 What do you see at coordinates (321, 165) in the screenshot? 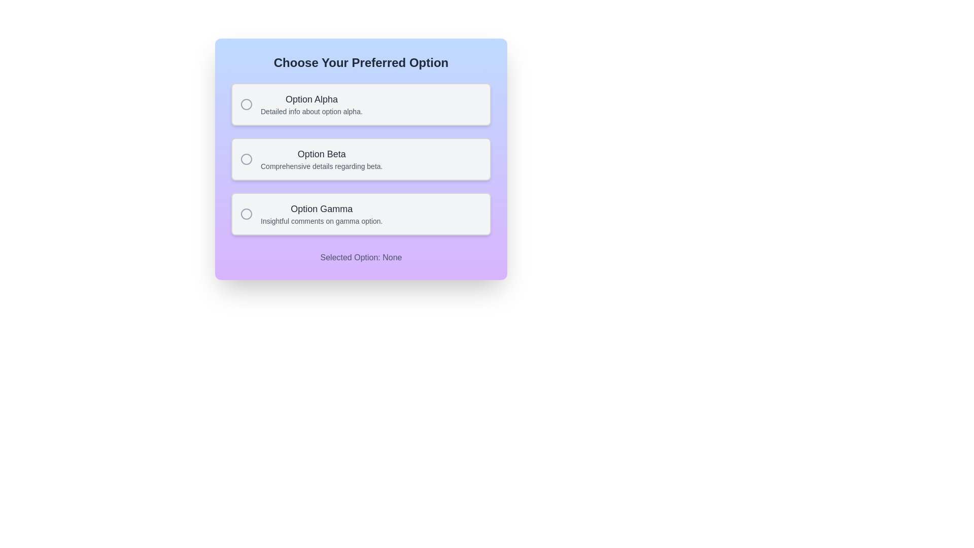
I see `text element displaying 'Comprehensive details regarding beta.' located beneath the 'Option Beta' label in the second option panel` at bounding box center [321, 165].